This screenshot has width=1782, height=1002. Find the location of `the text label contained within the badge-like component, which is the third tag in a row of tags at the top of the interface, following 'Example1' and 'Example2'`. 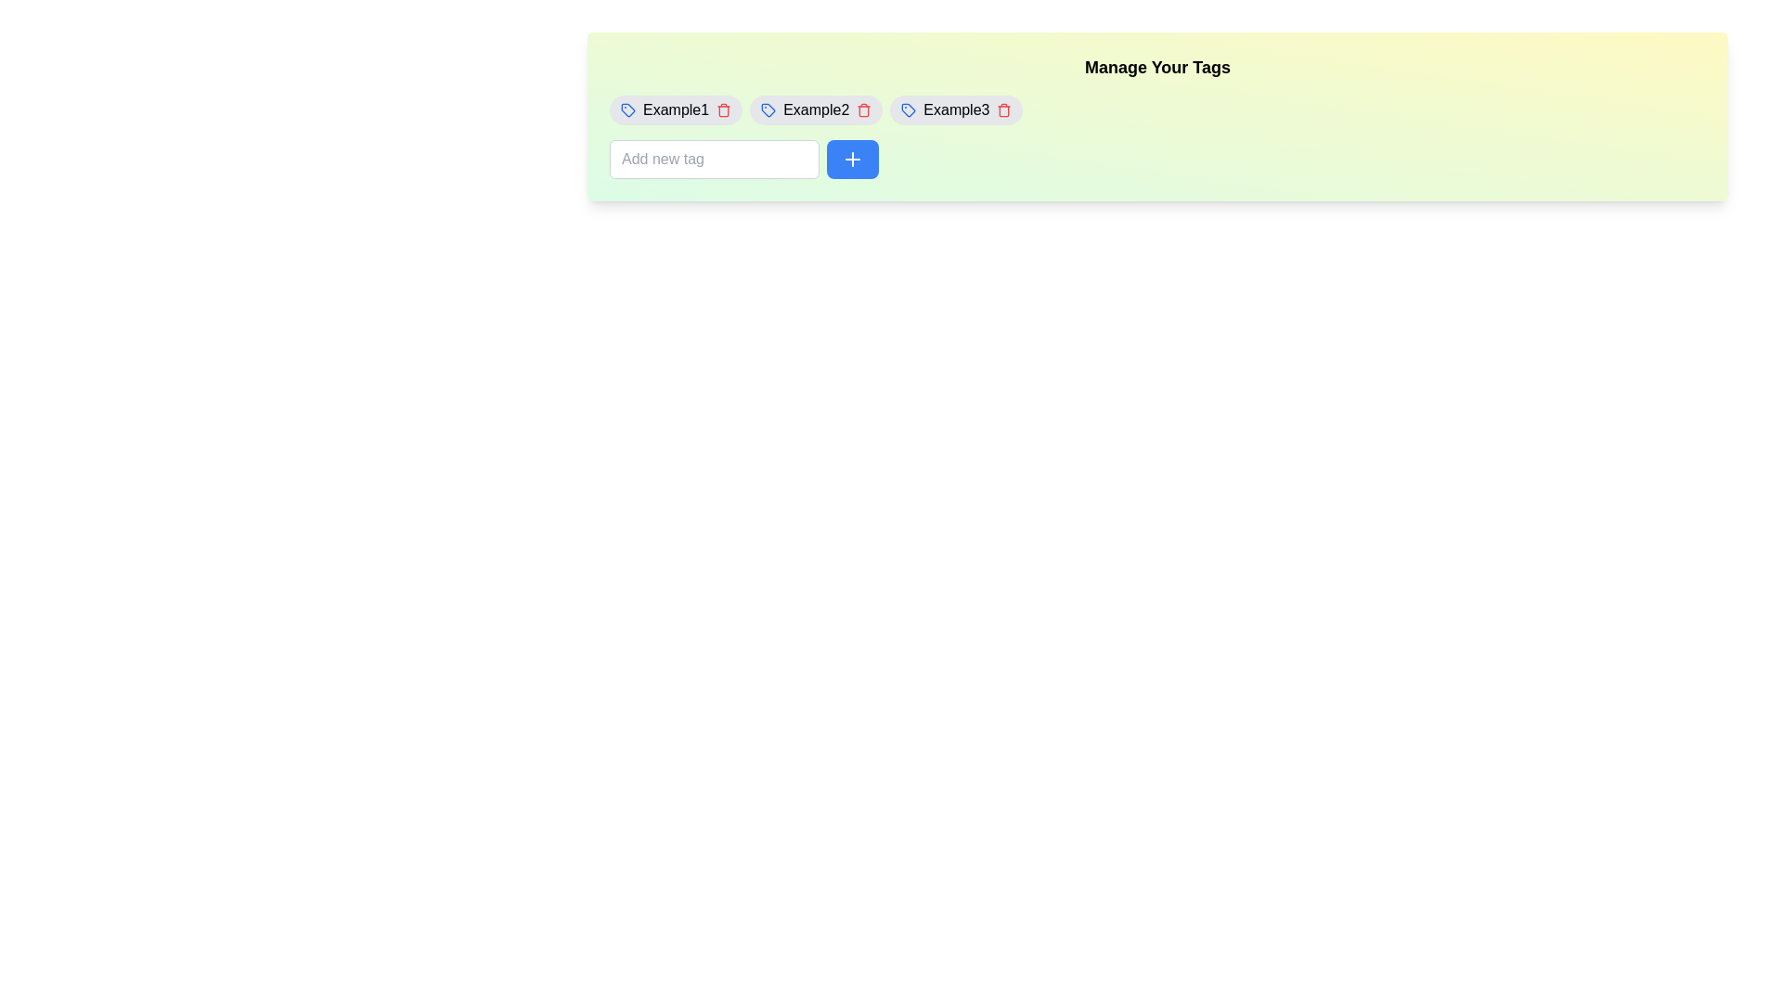

the text label contained within the badge-like component, which is the third tag in a row of tags at the top of the interface, following 'Example1' and 'Example2' is located at coordinates (956, 110).